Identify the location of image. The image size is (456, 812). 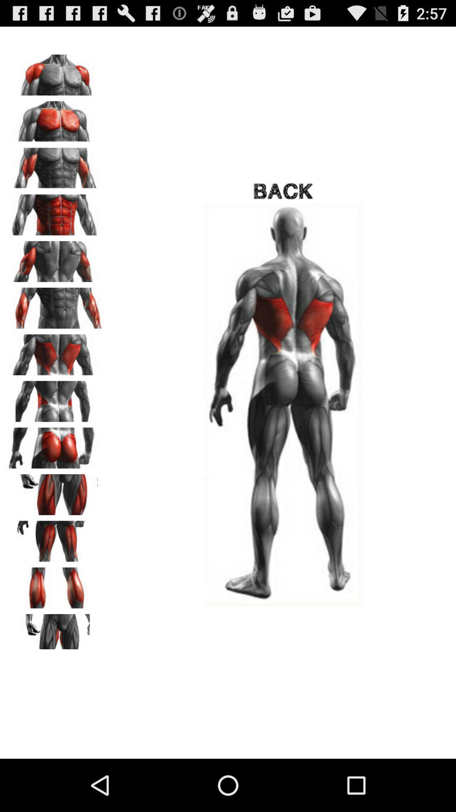
(55, 631).